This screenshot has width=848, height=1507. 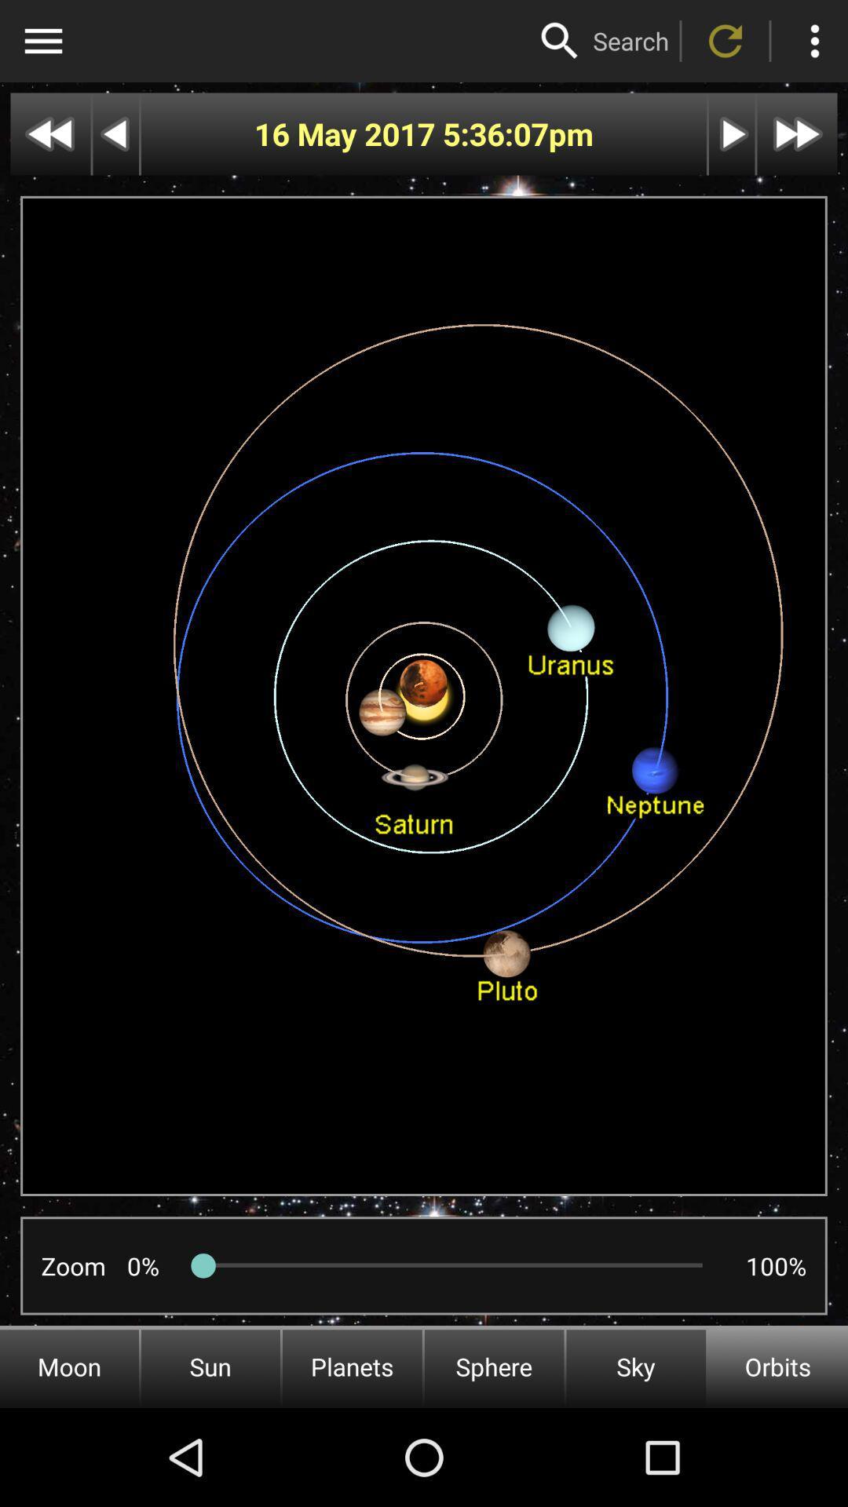 What do you see at coordinates (559, 41) in the screenshot?
I see `search` at bounding box center [559, 41].